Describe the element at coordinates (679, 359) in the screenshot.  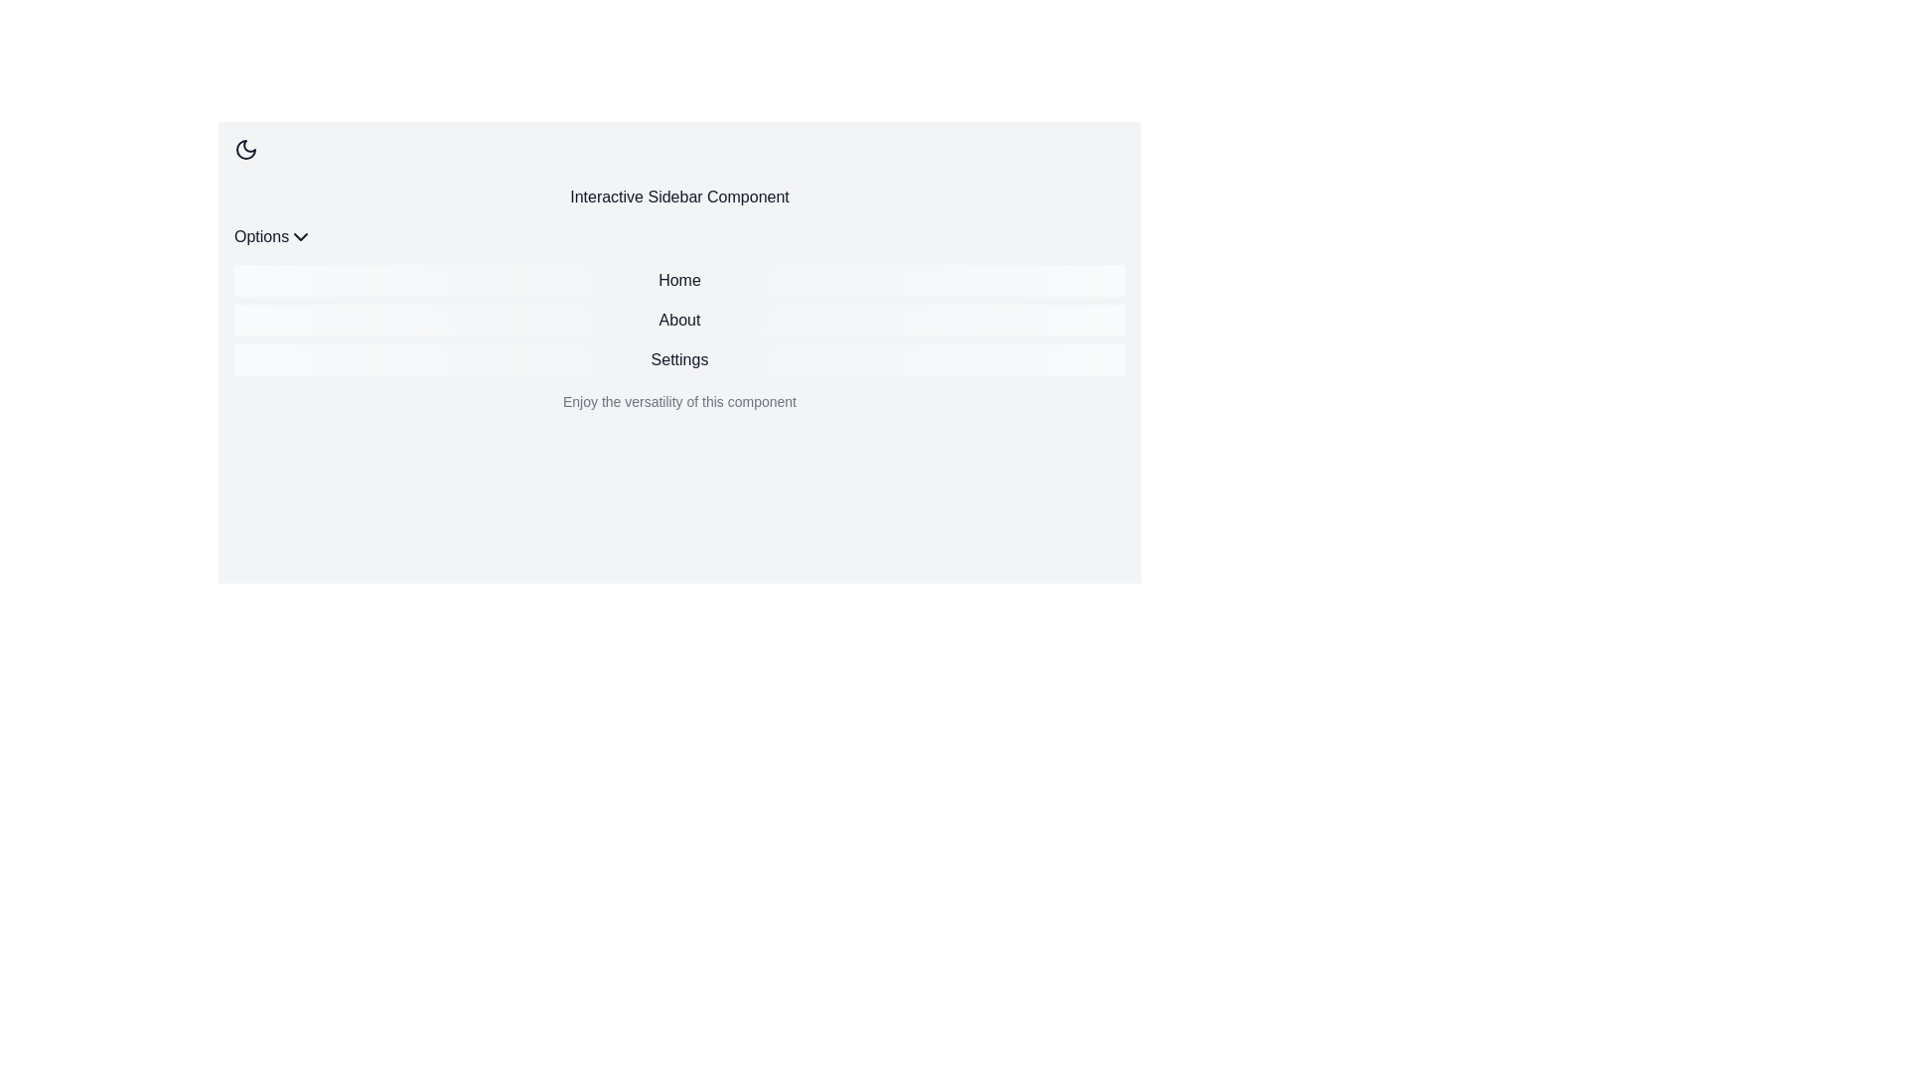
I see `the 'Settings' text button` at that location.